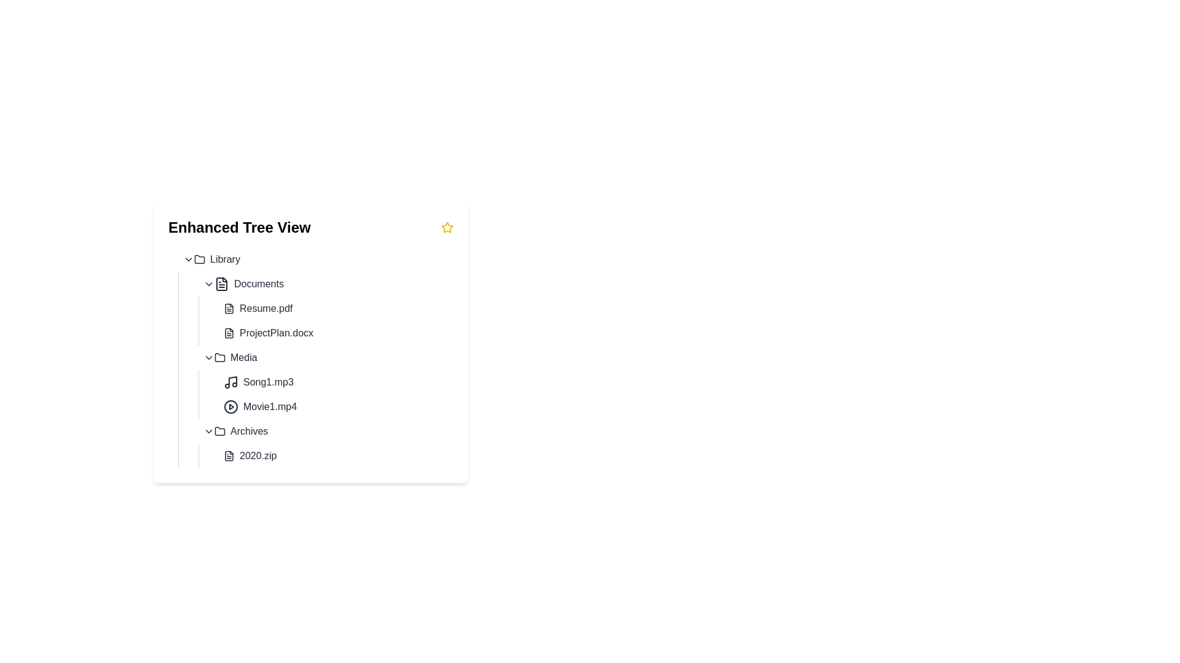  Describe the element at coordinates (265, 308) in the screenshot. I see `the text label for the file titled 'Resume.pdf' in the tree view under the 'Documents' folder` at that location.